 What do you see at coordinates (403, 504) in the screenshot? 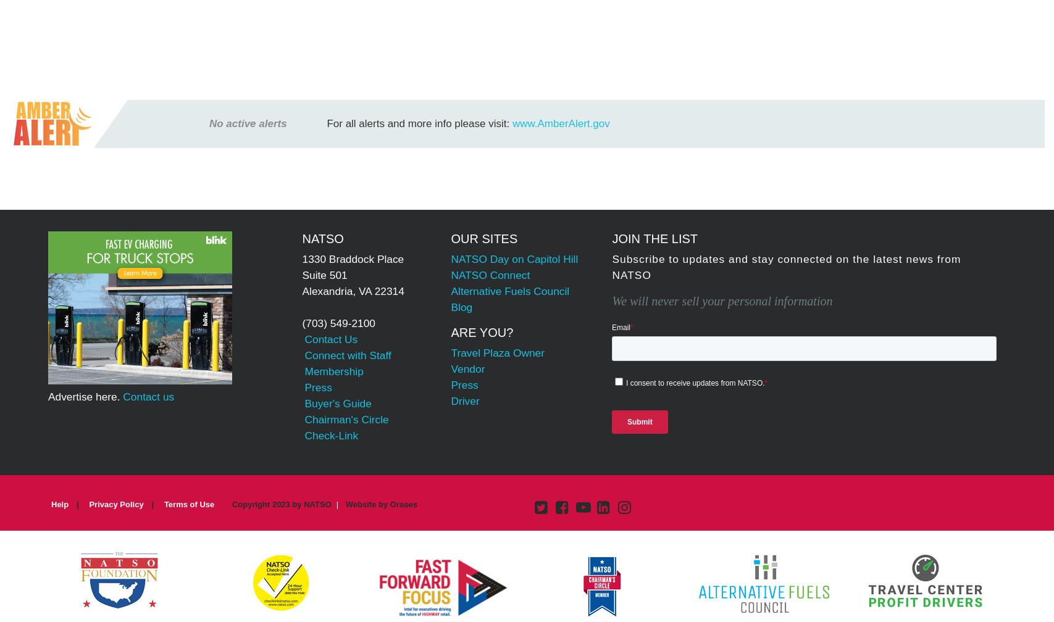
I see `'Orases'` at bounding box center [403, 504].